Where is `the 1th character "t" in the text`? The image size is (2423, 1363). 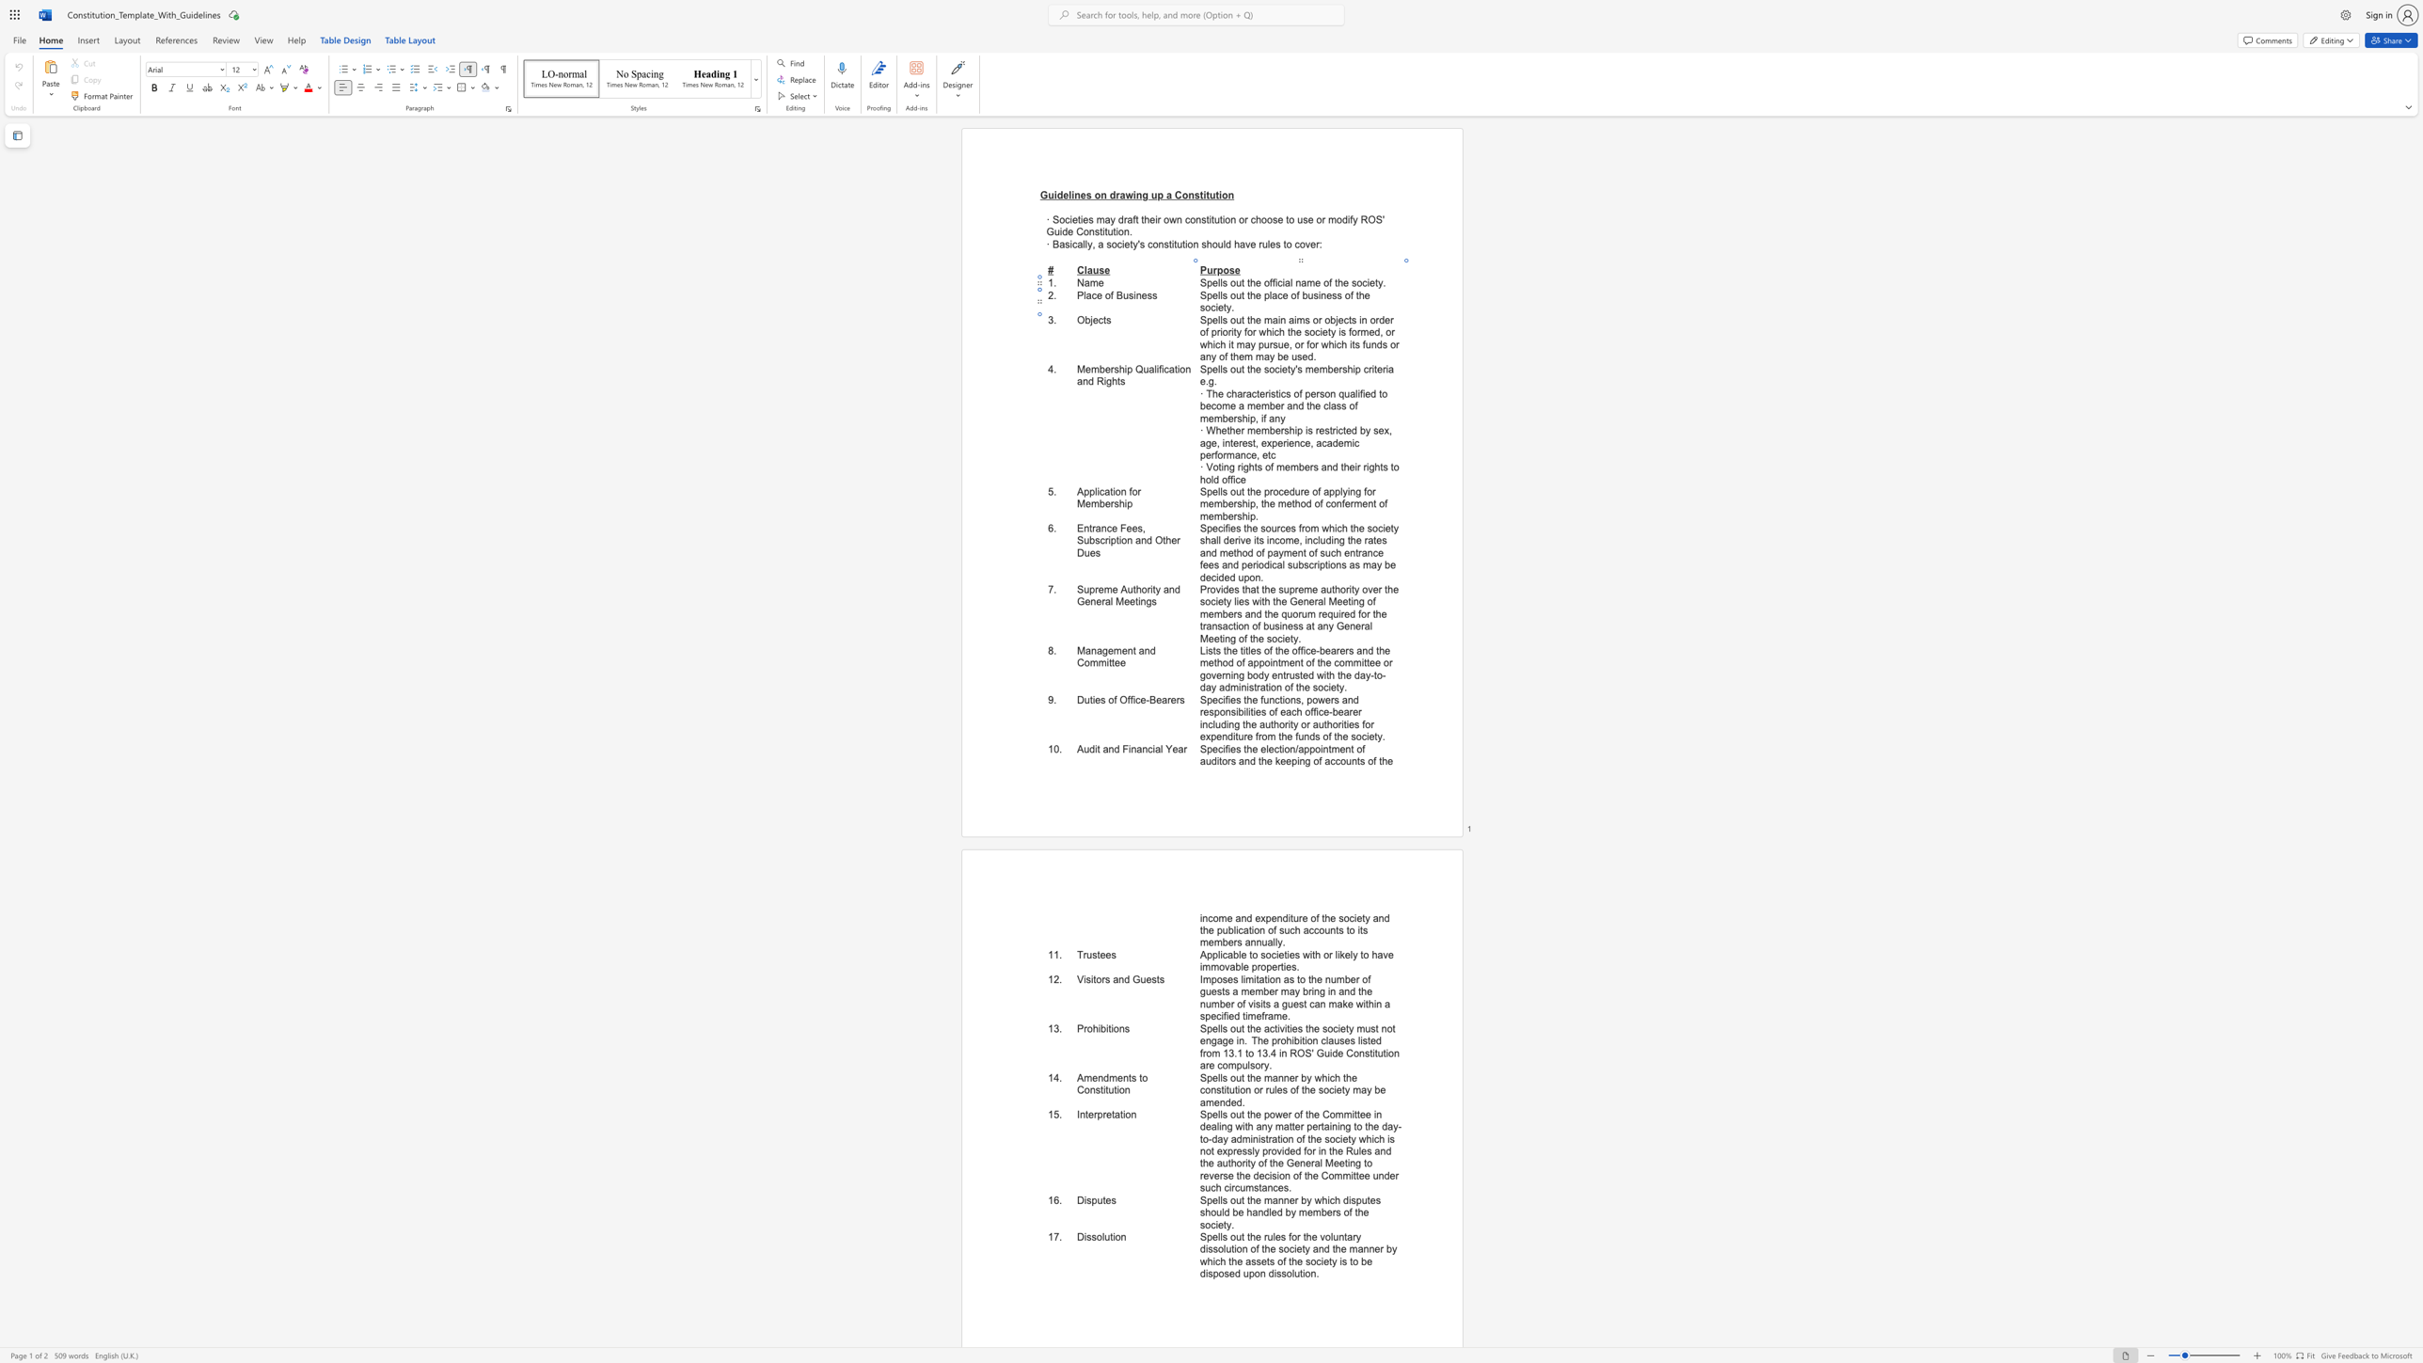 the 1th character "t" in the text is located at coordinates (1242, 369).